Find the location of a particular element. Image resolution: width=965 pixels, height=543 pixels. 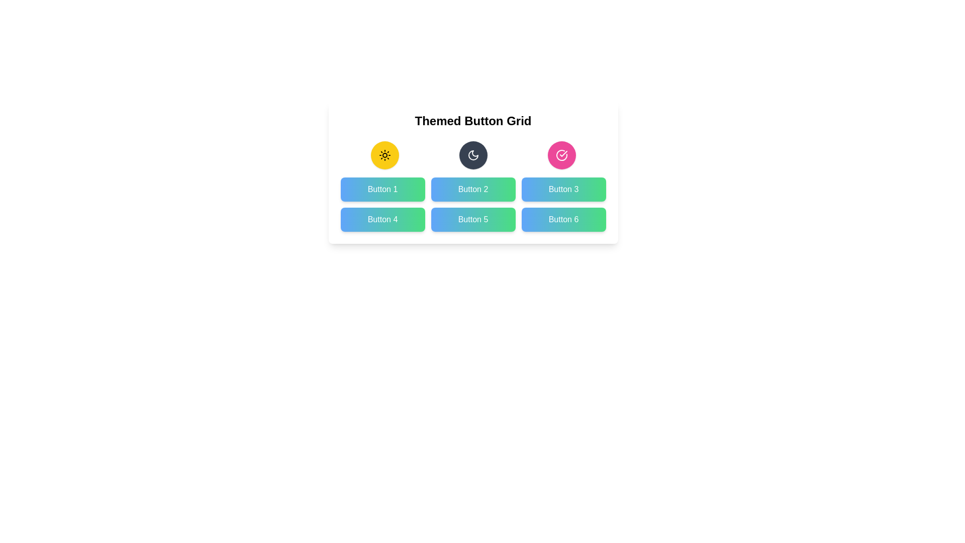

the rectangular button labeled 'Button 2' with a gradient background transitioning from blue to green, which is the second button in the top row of the grid below 'Themed Button Grid' is located at coordinates (472, 190).